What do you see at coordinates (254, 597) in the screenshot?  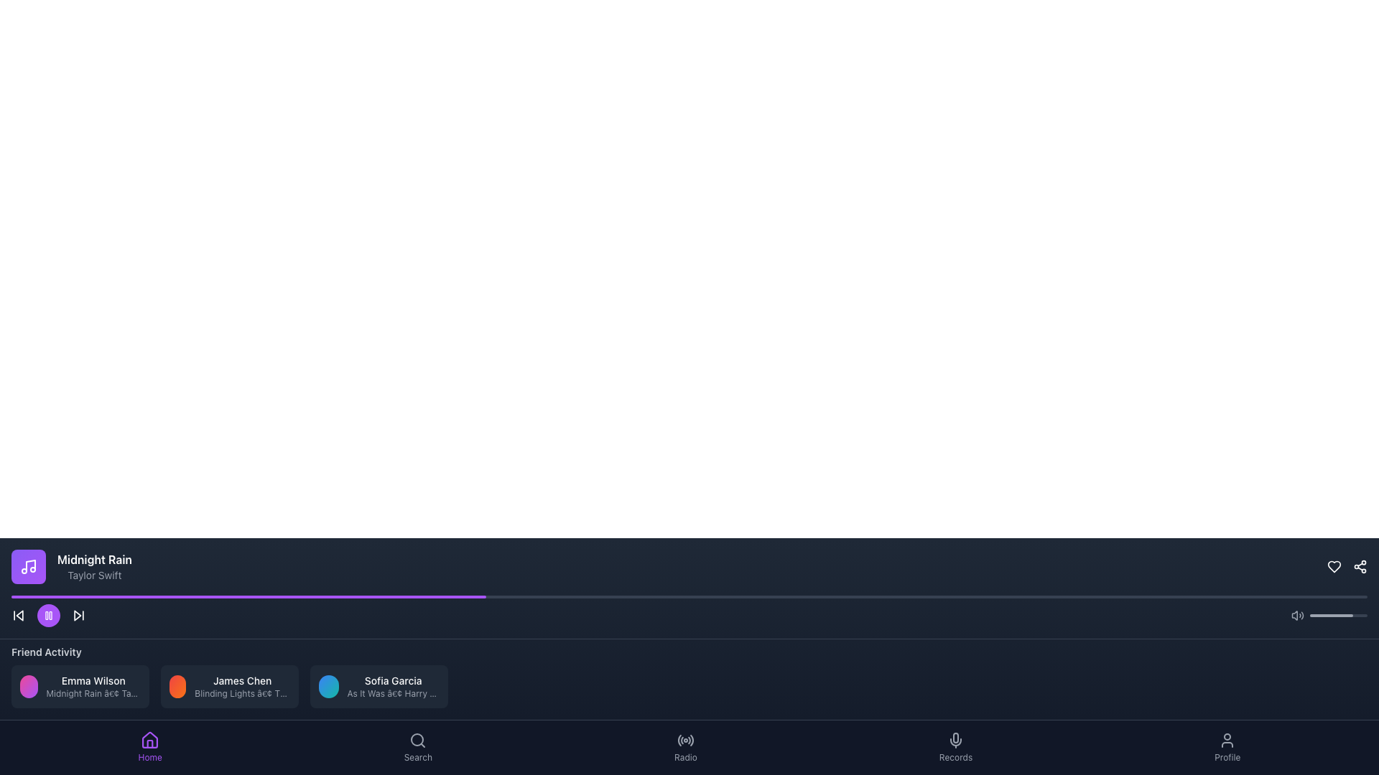 I see `the progress bar` at bounding box center [254, 597].